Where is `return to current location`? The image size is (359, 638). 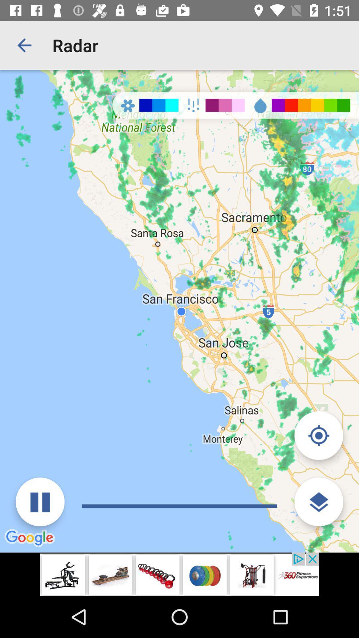
return to current location is located at coordinates (318, 435).